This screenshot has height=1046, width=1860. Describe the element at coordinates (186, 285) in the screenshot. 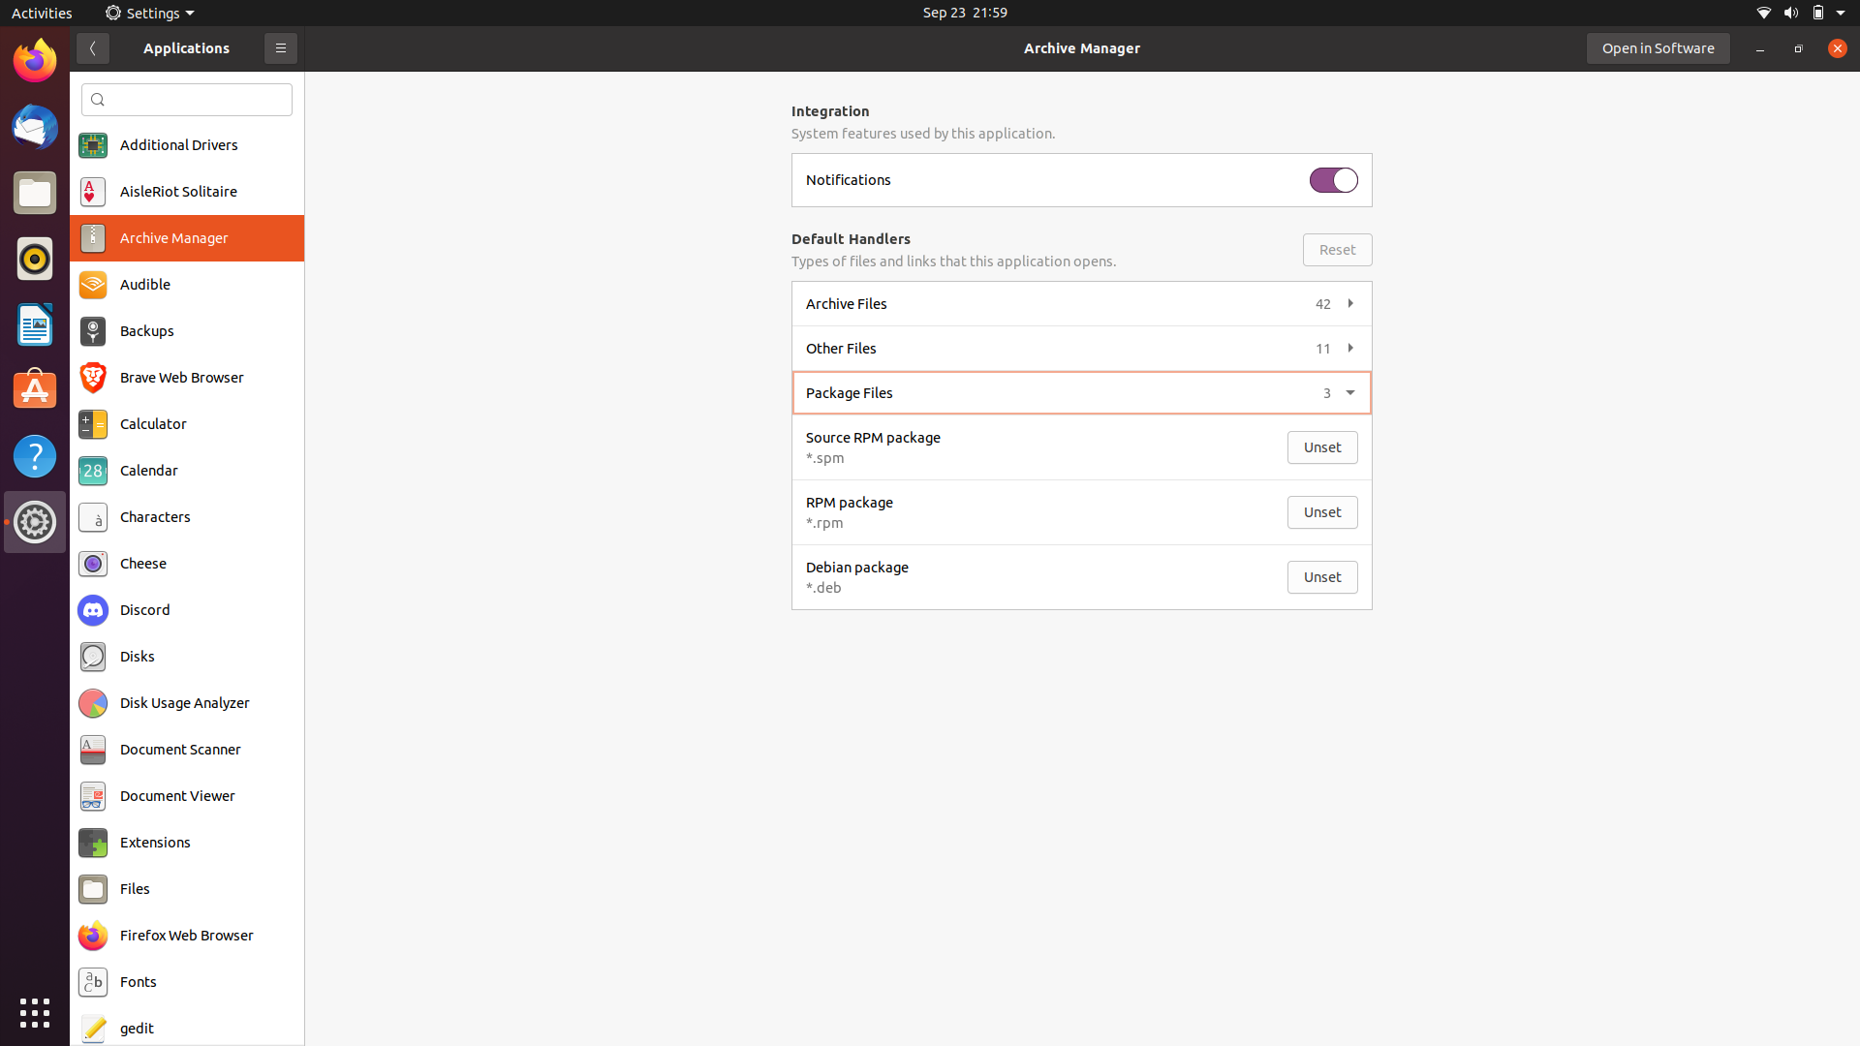

I see `Start Audible program` at that location.